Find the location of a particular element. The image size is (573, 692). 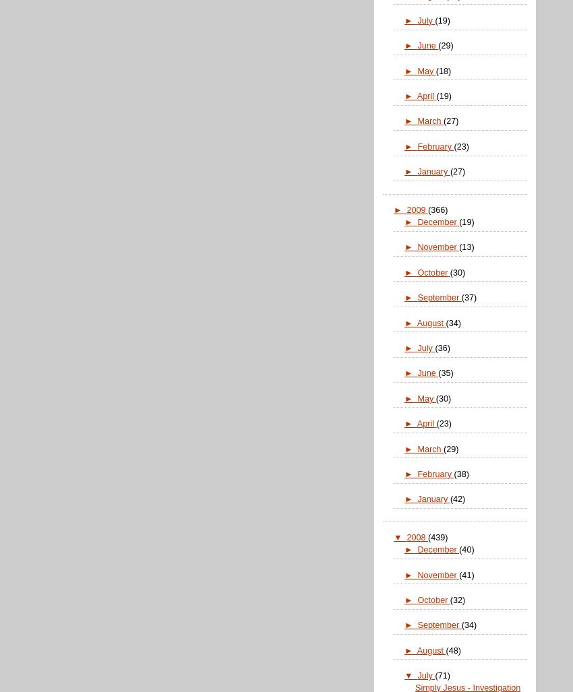

'2009' is located at coordinates (416, 210).